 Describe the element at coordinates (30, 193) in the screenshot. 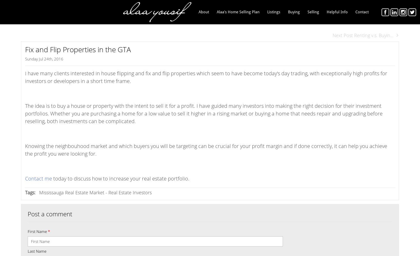

I see `'Tags:'` at that location.